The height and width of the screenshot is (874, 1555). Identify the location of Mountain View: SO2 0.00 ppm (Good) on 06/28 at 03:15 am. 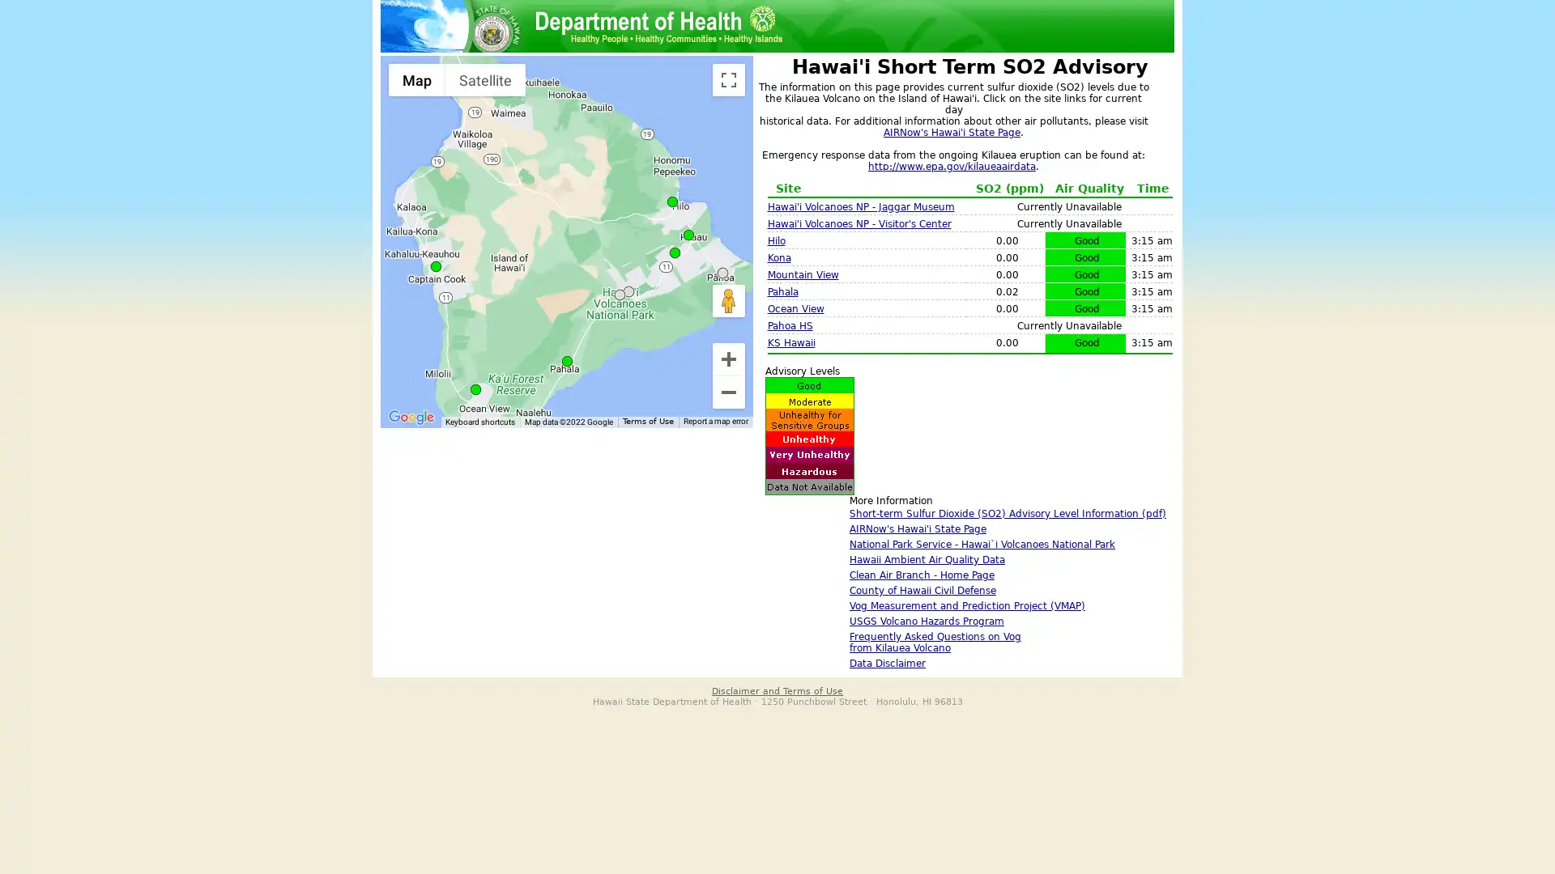
(675, 252).